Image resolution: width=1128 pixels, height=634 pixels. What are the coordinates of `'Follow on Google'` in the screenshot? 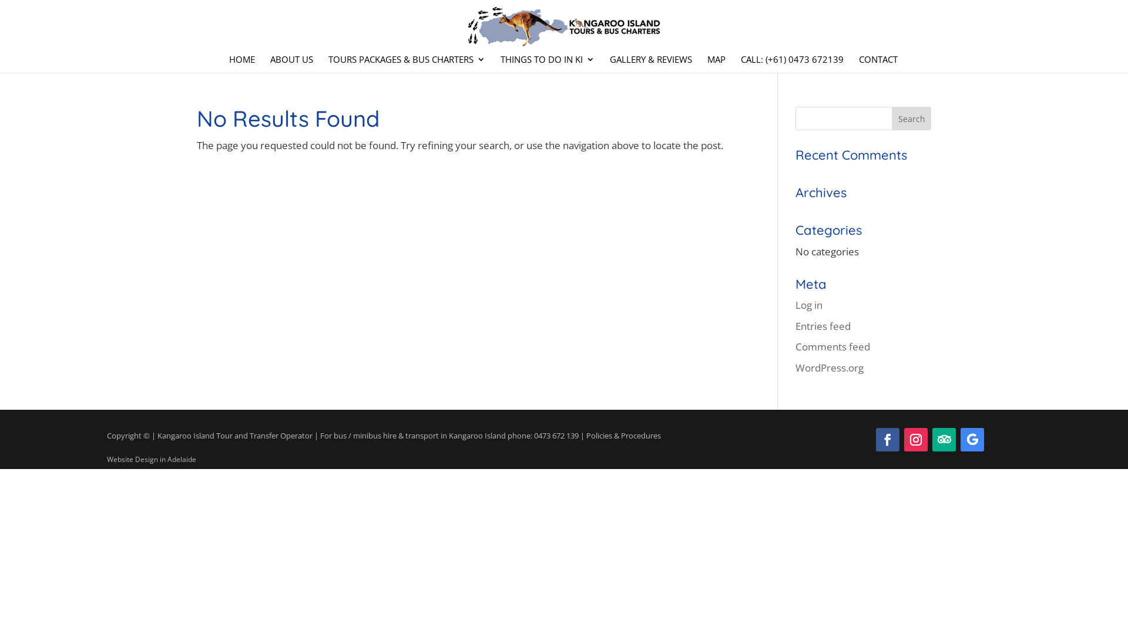 It's located at (972, 439).